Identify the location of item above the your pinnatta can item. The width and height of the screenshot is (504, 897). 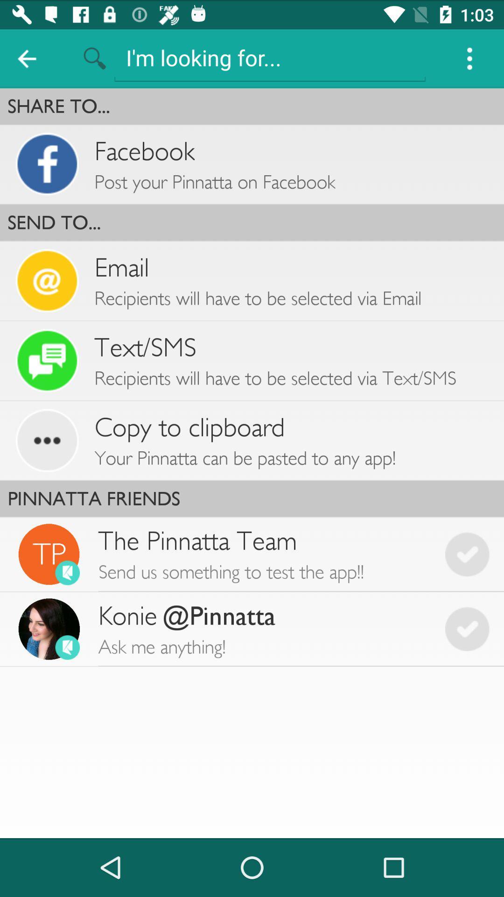
(189, 427).